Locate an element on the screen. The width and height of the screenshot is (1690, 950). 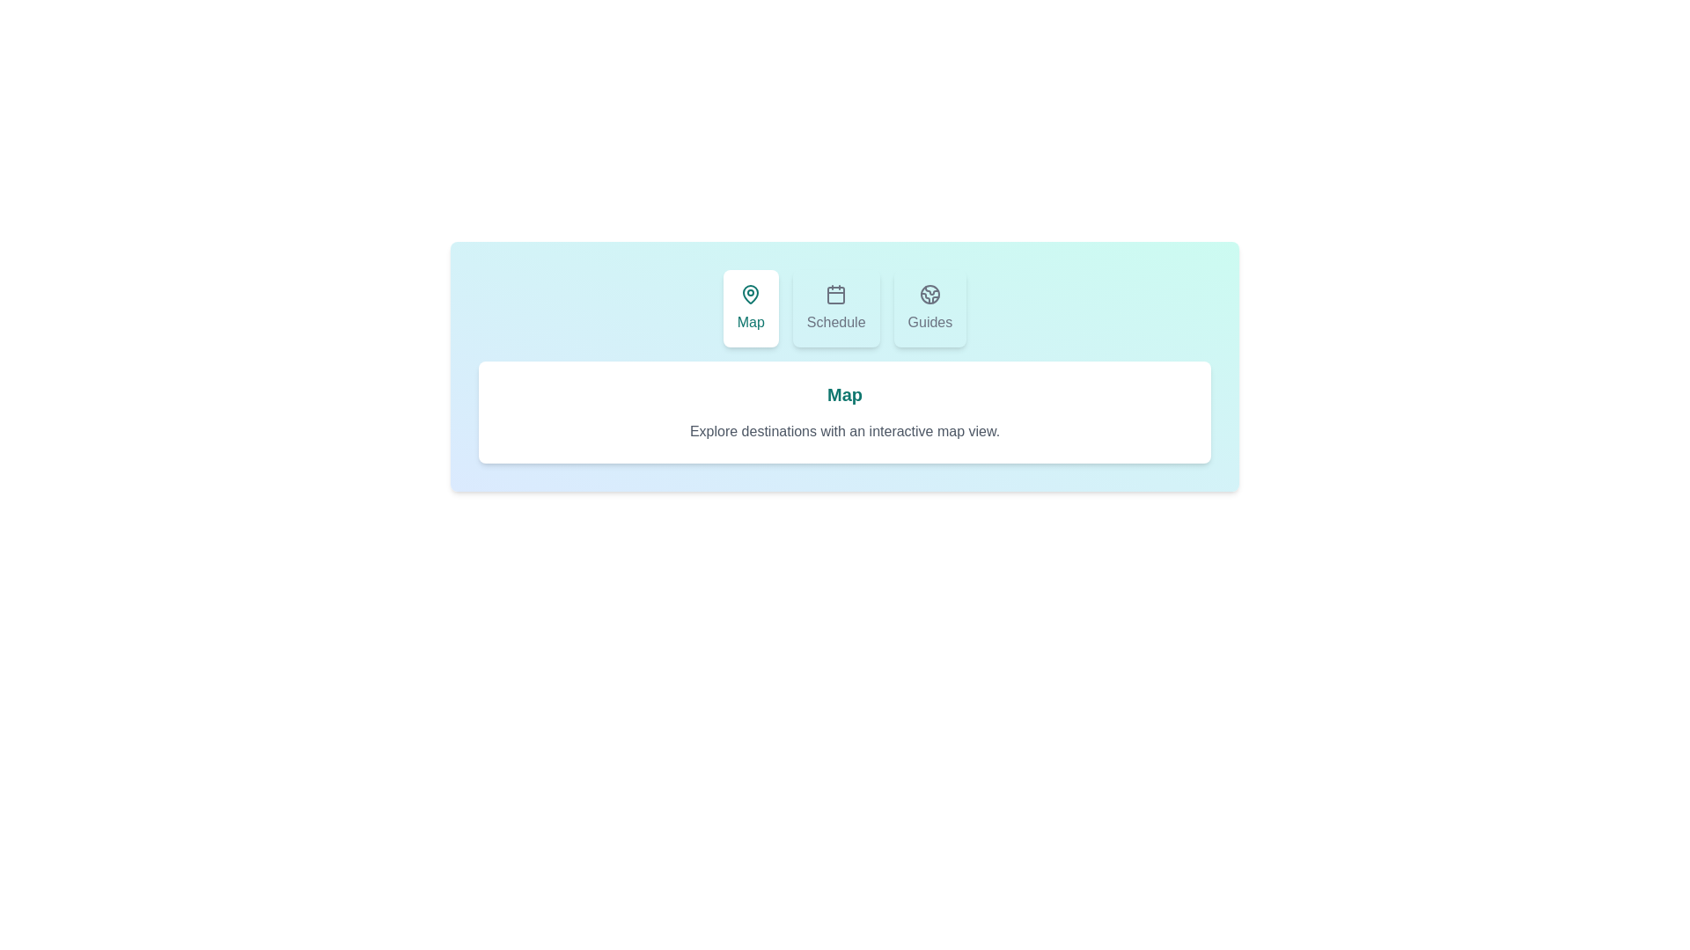
the Schedule tab by clicking on its button is located at coordinates (835, 308).